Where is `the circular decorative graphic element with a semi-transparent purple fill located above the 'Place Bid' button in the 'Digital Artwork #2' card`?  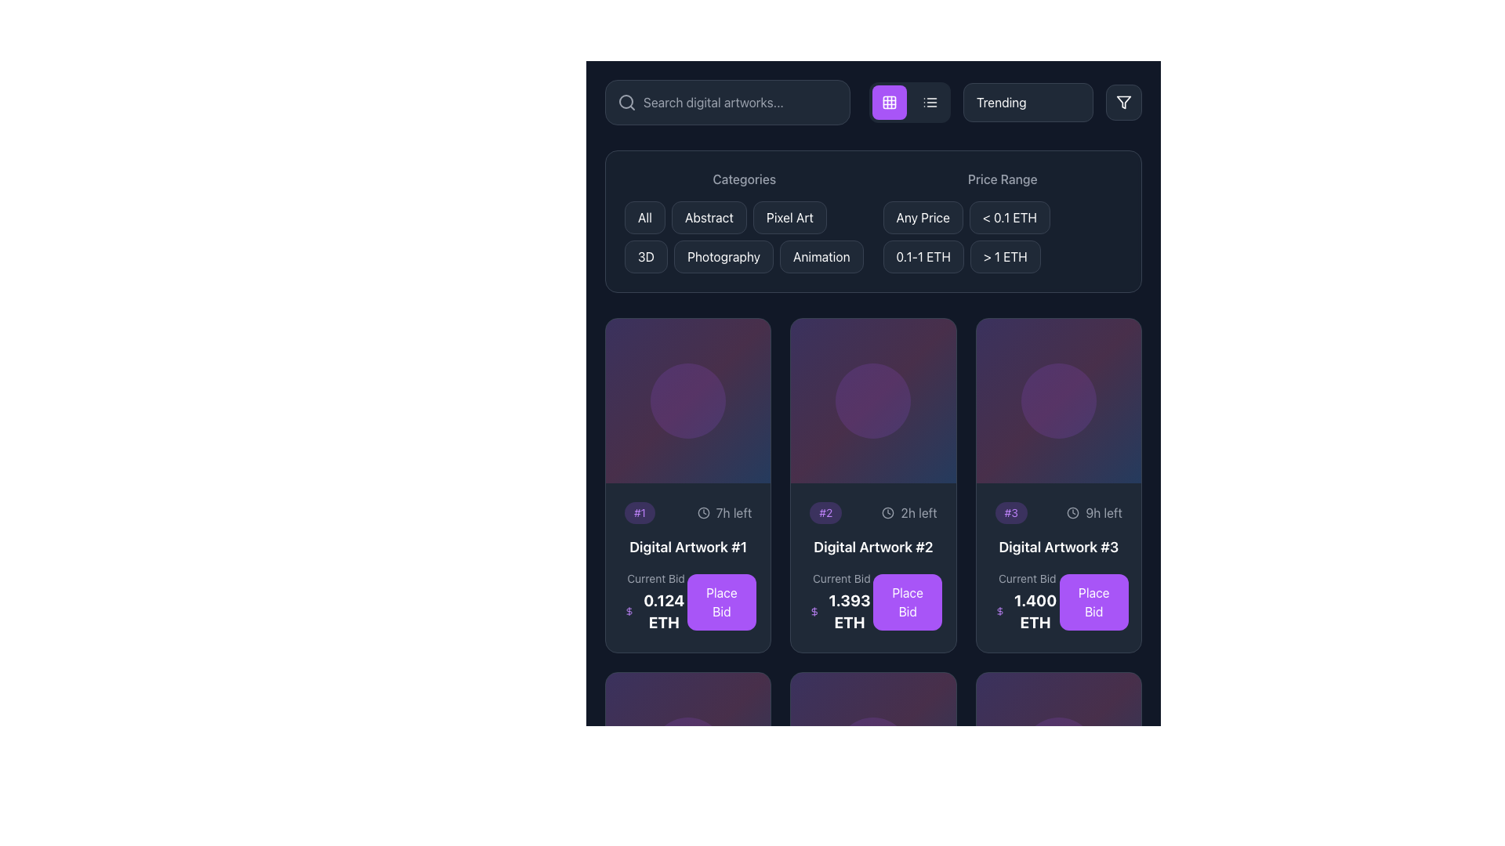
the circular decorative graphic element with a semi-transparent purple fill located above the 'Place Bid' button in the 'Digital Artwork #2' card is located at coordinates (872, 400).